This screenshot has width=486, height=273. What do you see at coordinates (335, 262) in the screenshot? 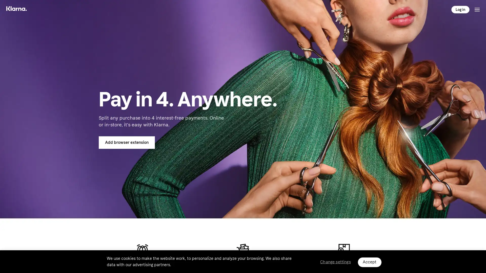
I see `Change settings` at bounding box center [335, 262].